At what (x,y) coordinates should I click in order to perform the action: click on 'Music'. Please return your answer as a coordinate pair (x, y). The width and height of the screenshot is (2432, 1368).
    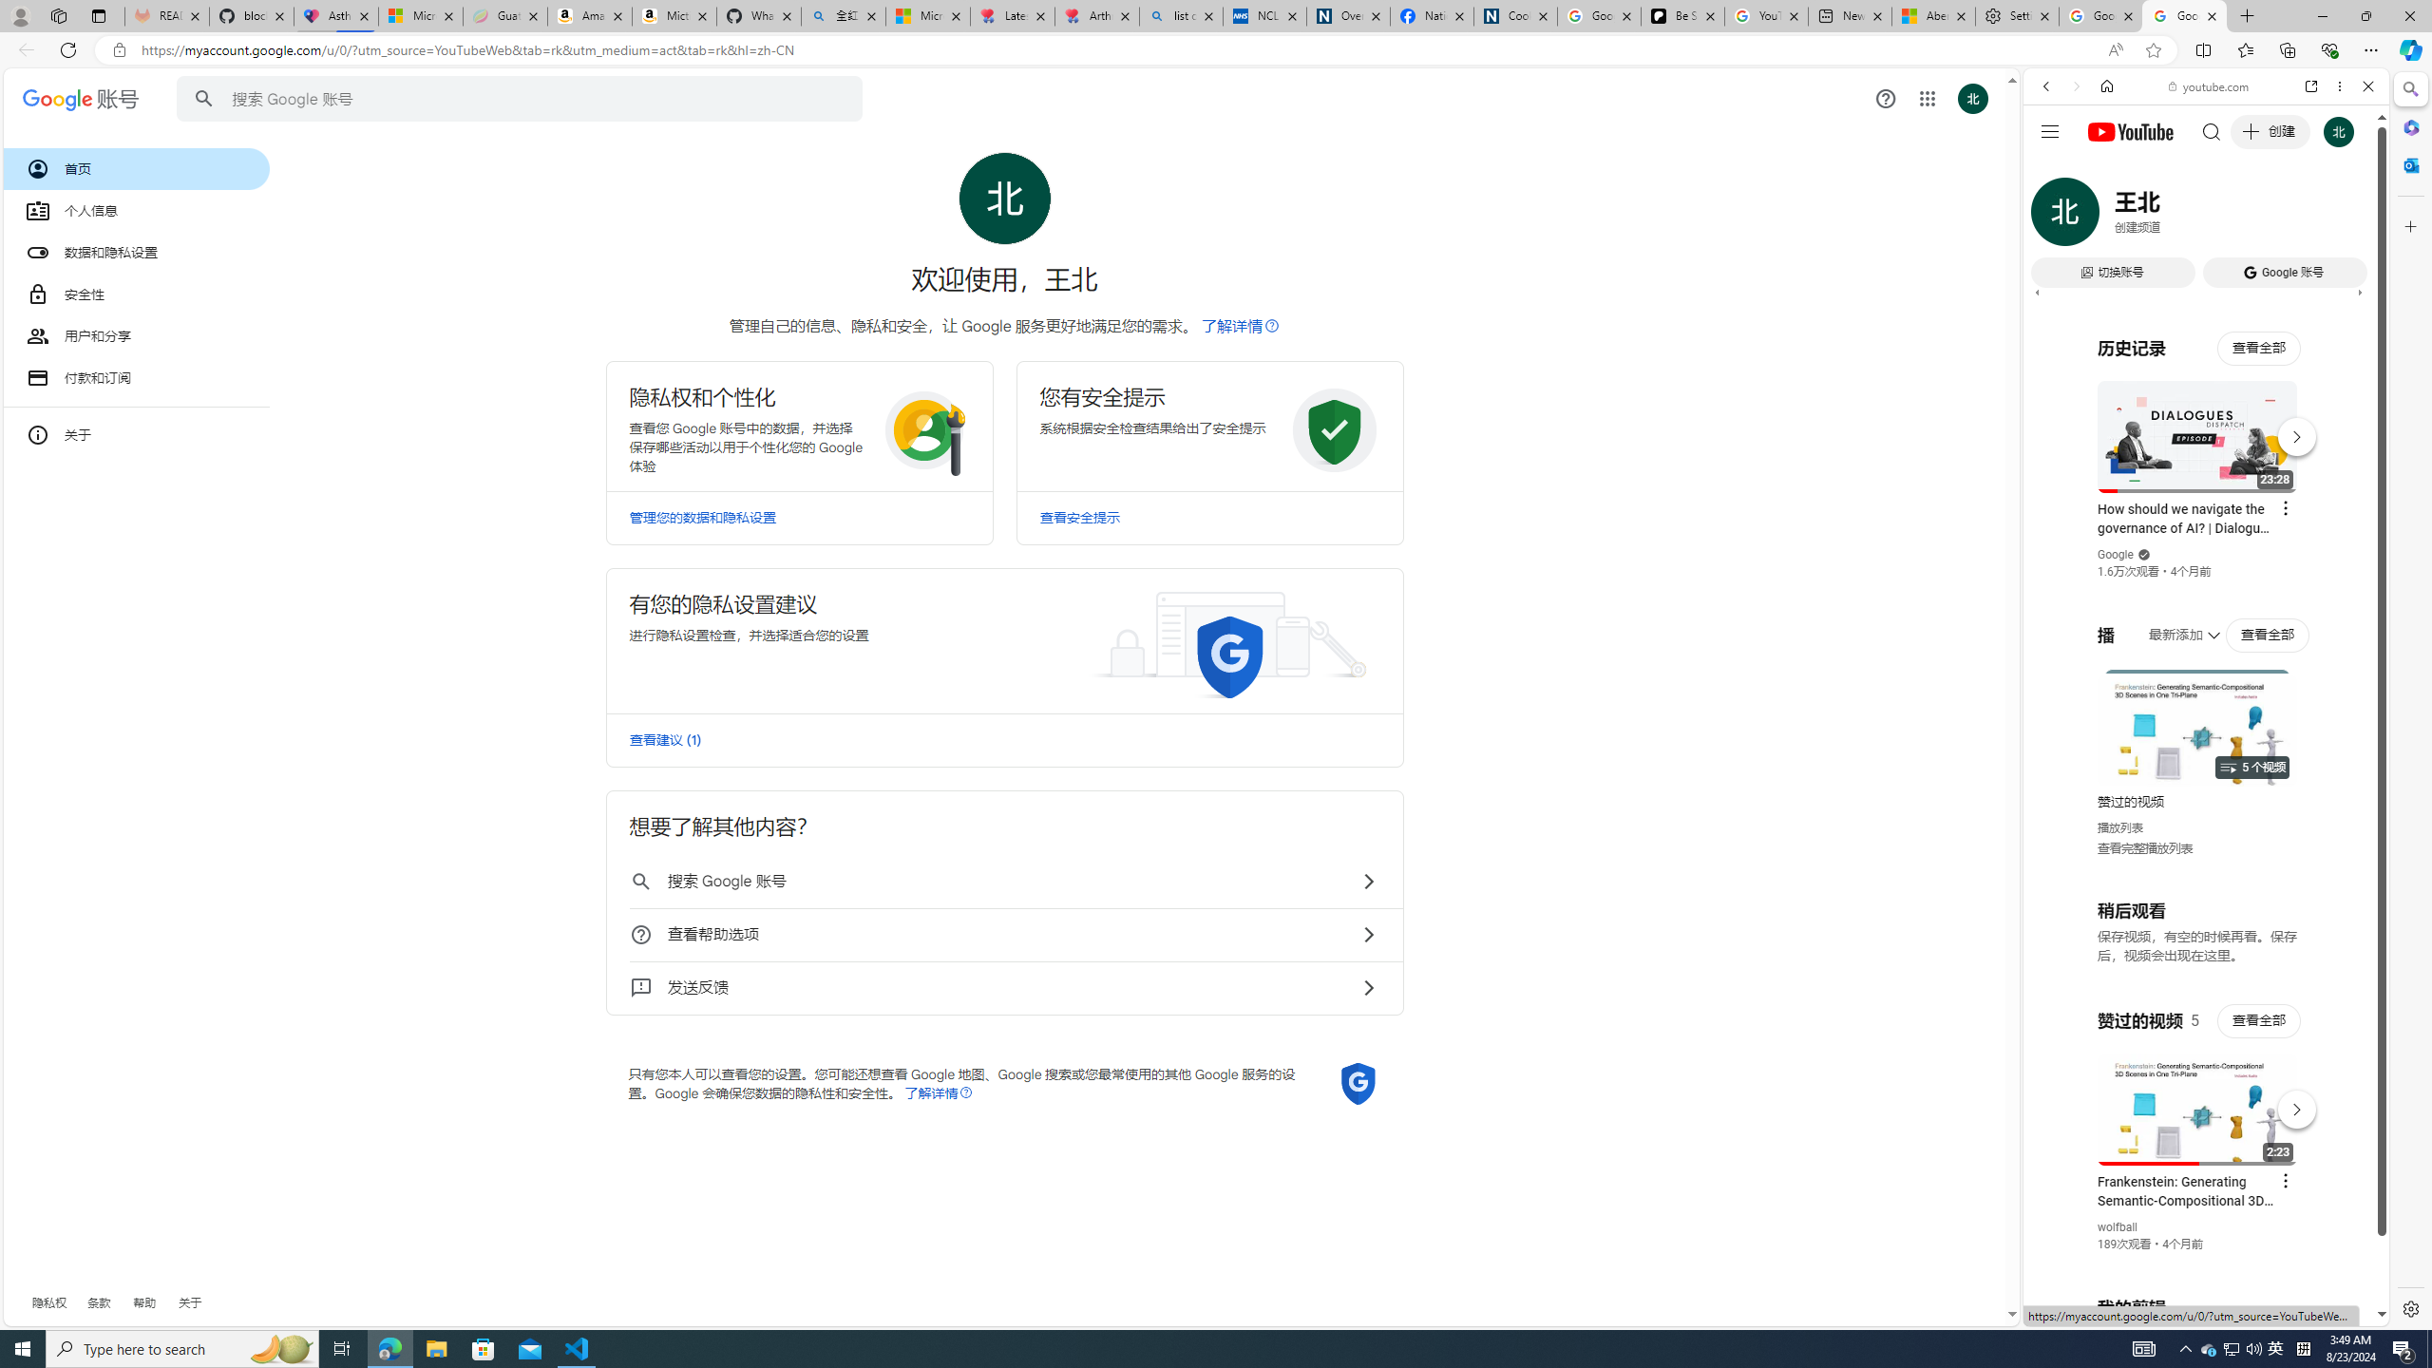
    Looking at the image, I should click on (2204, 516).